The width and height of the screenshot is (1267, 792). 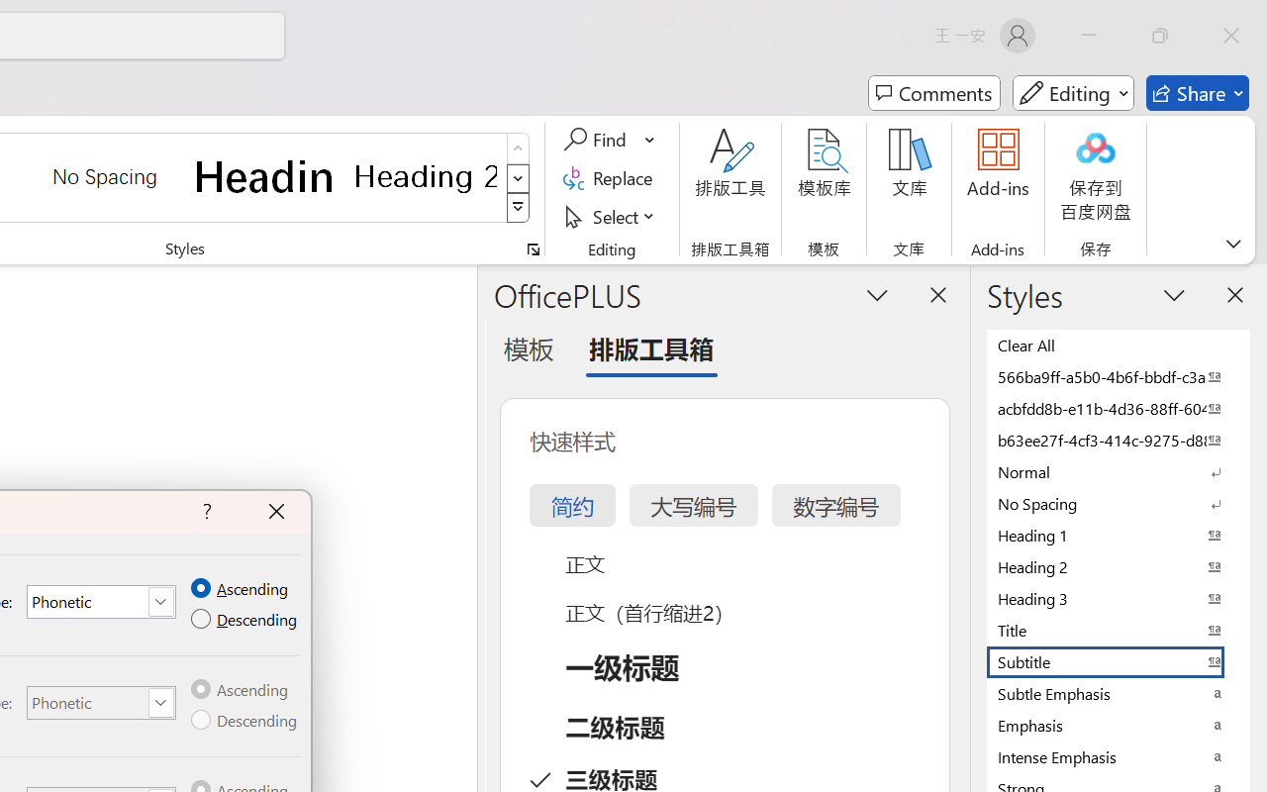 What do you see at coordinates (1119, 756) in the screenshot?
I see `'Intense Emphasis'` at bounding box center [1119, 756].